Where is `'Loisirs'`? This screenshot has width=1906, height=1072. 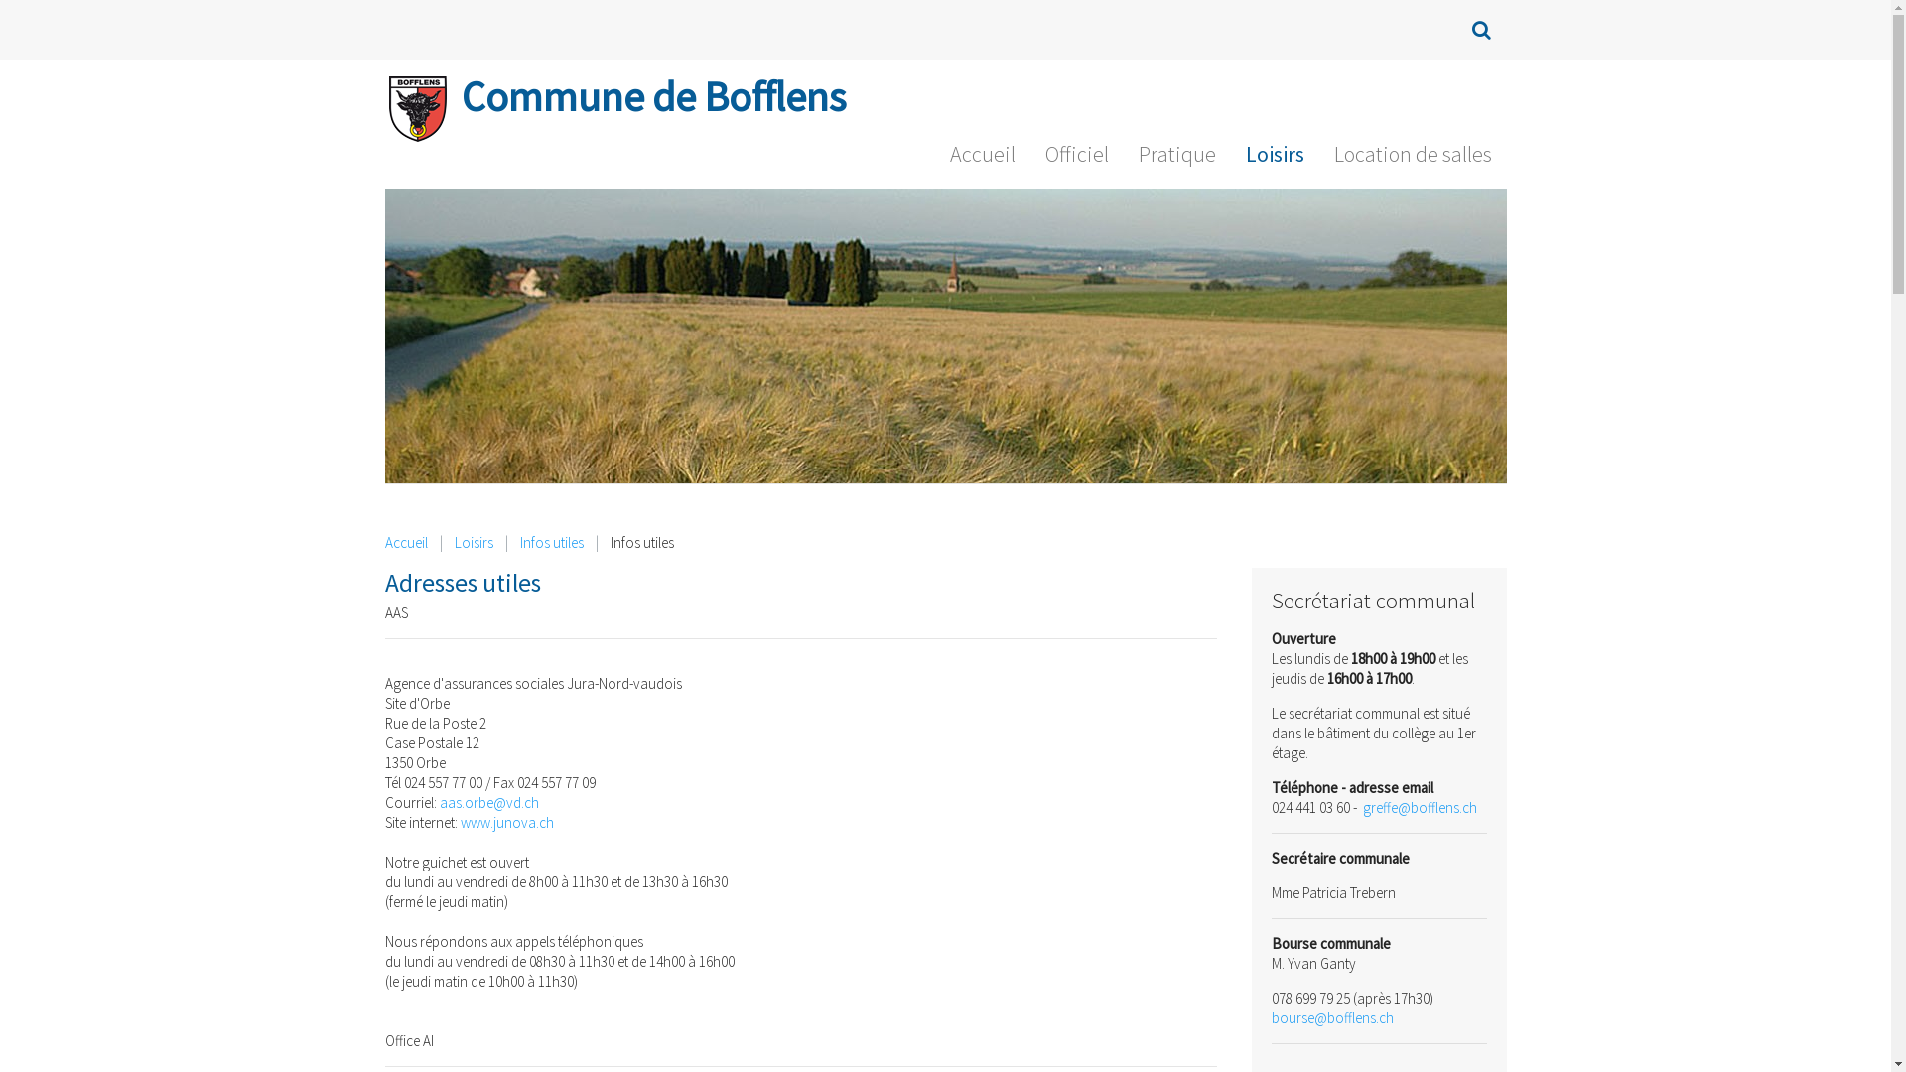 'Loisirs' is located at coordinates (1229, 157).